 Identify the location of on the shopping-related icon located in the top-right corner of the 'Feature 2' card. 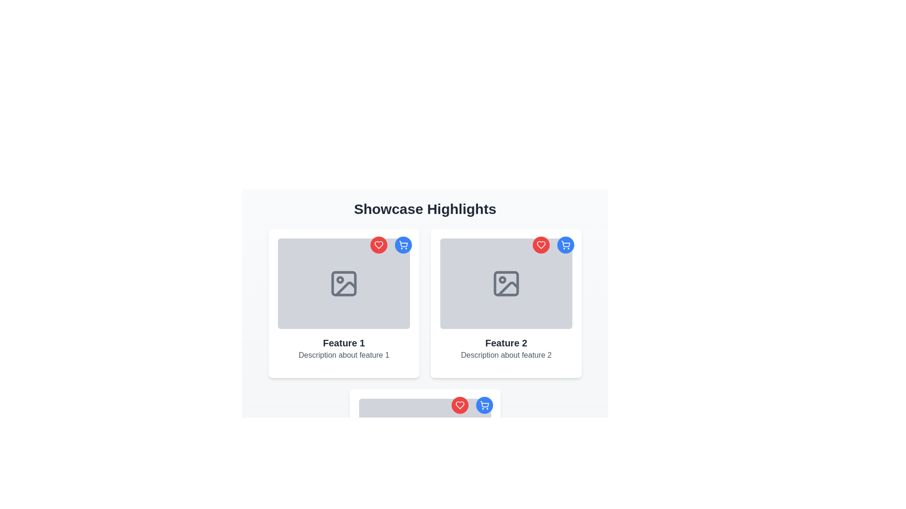
(566, 243).